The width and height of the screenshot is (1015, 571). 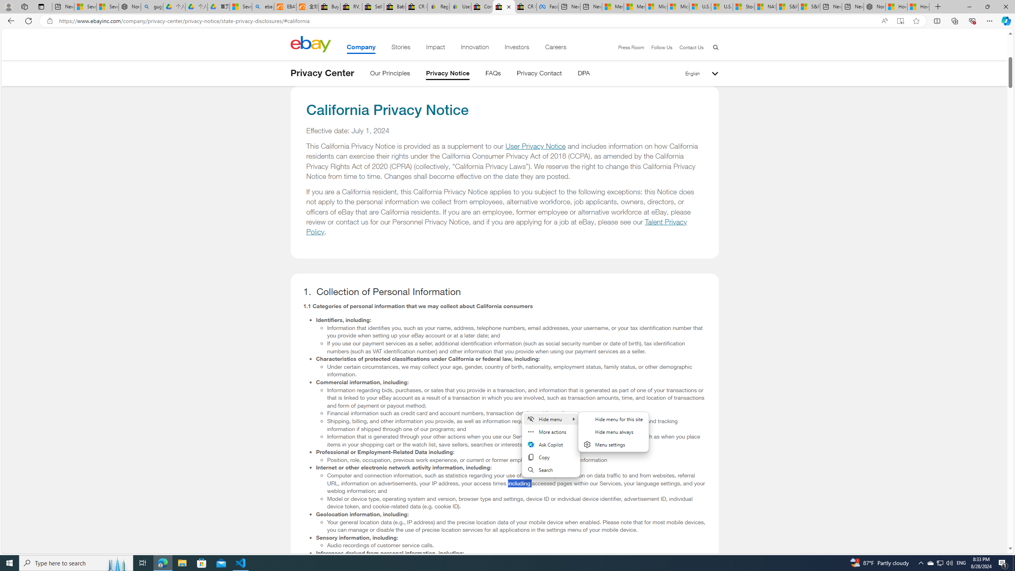 I want to click on 'Enter Immersive Reader (F9)', so click(x=900, y=21).